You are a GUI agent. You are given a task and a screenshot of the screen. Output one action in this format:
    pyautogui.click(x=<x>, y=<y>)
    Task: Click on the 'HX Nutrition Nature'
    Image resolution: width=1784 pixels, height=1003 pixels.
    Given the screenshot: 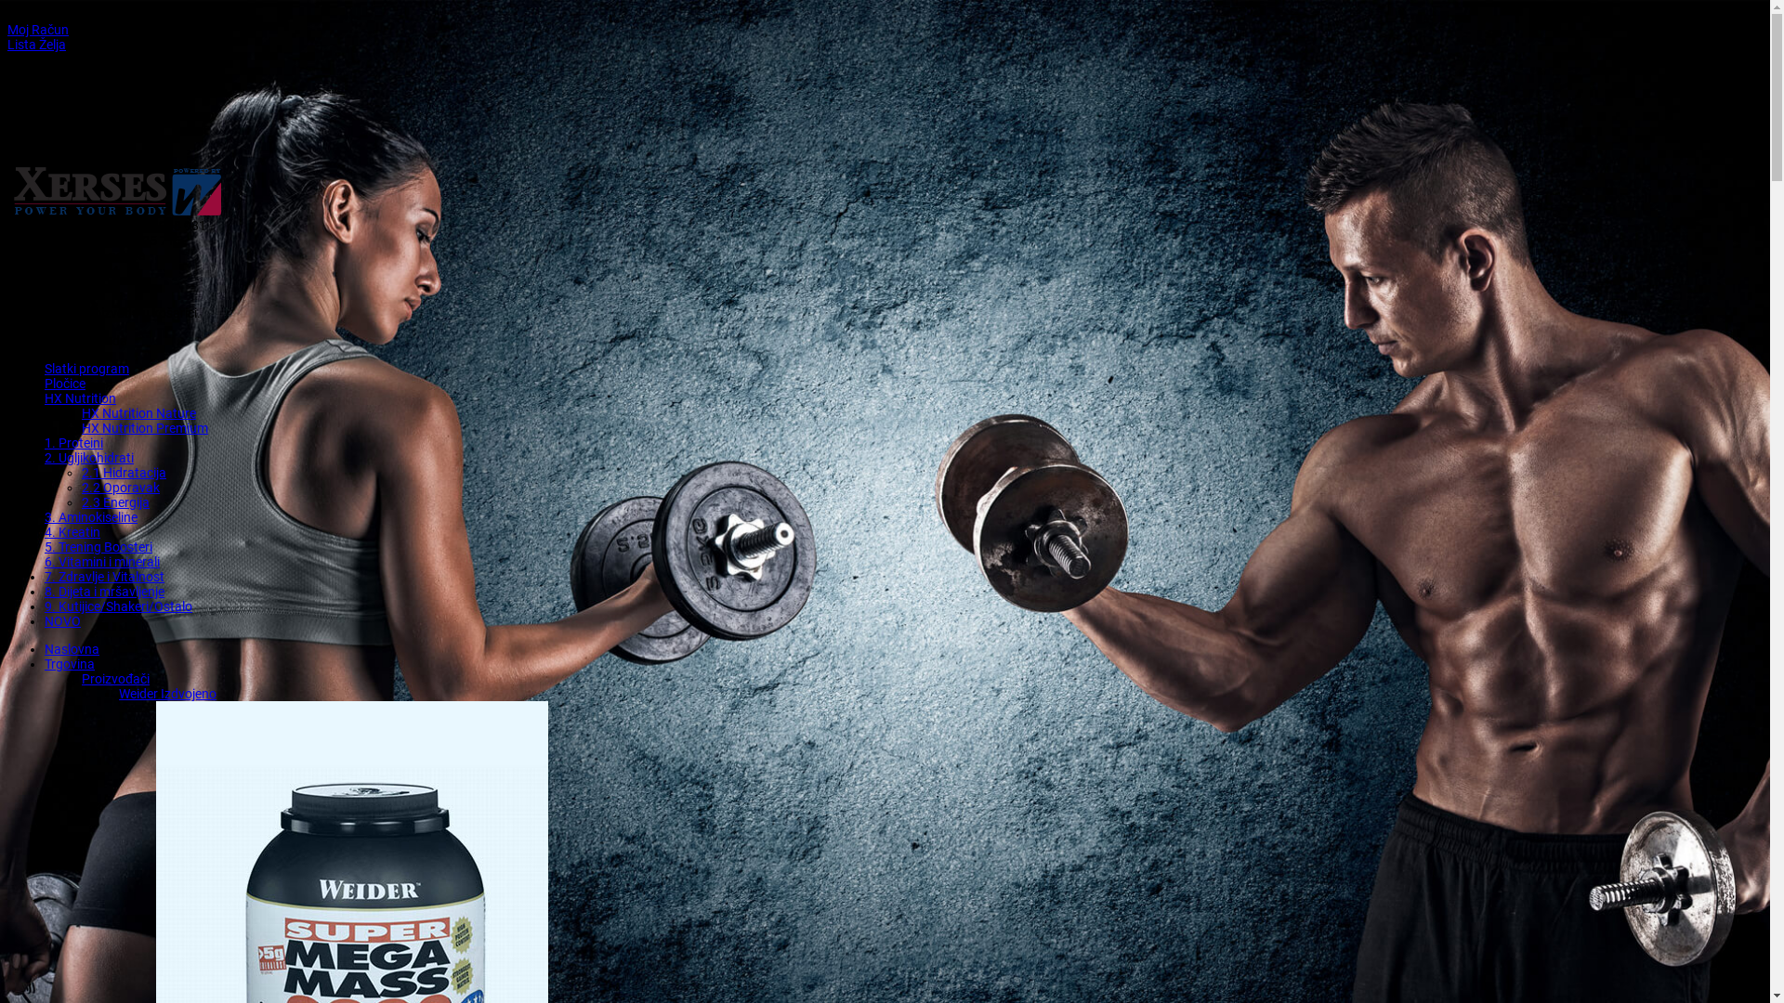 What is the action you would take?
    pyautogui.click(x=138, y=411)
    